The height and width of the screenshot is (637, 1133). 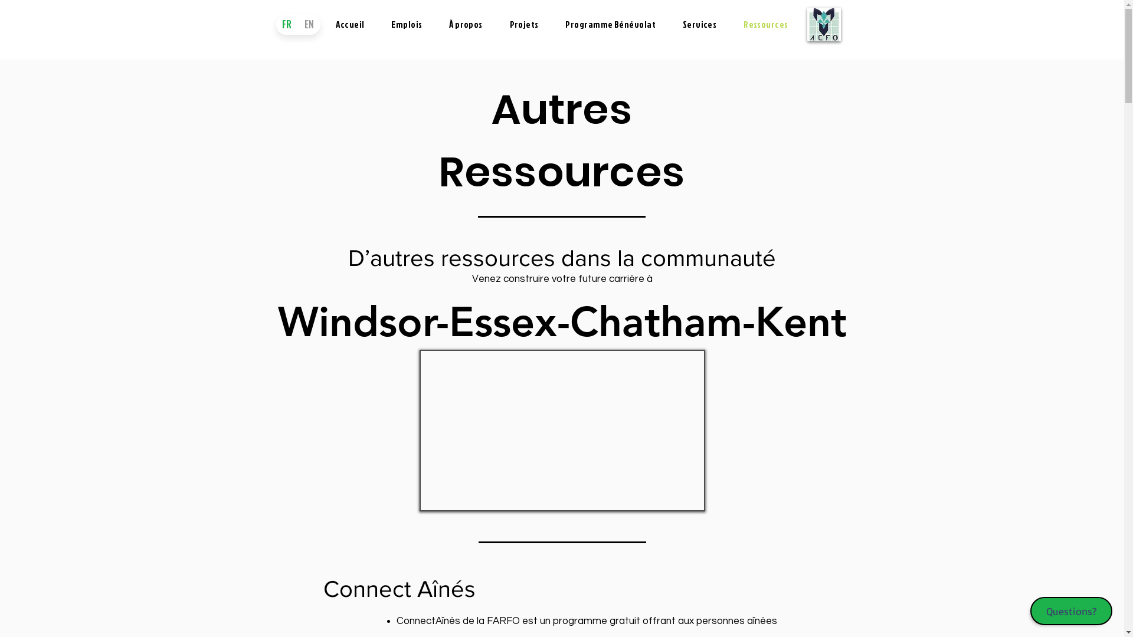 What do you see at coordinates (699, 24) in the screenshot?
I see `'Services'` at bounding box center [699, 24].